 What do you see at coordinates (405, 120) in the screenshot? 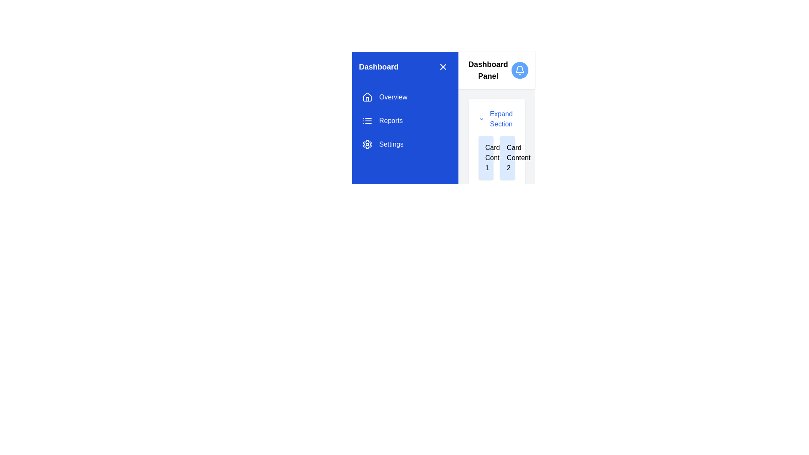
I see `labels of the vertical navigation group located on the left side of the interface, which contains 'Overview', 'Reports', and 'Settings'` at bounding box center [405, 120].